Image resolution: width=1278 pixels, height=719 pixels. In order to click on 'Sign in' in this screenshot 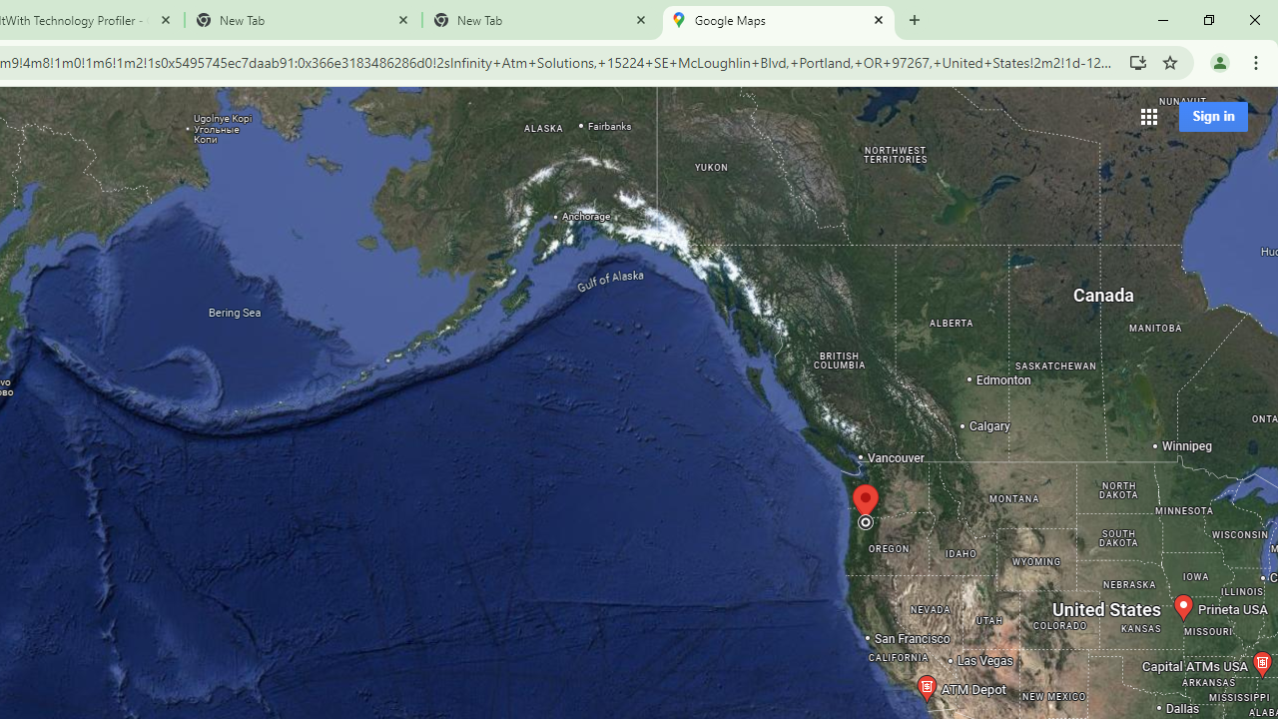, I will do `click(1212, 116)`.